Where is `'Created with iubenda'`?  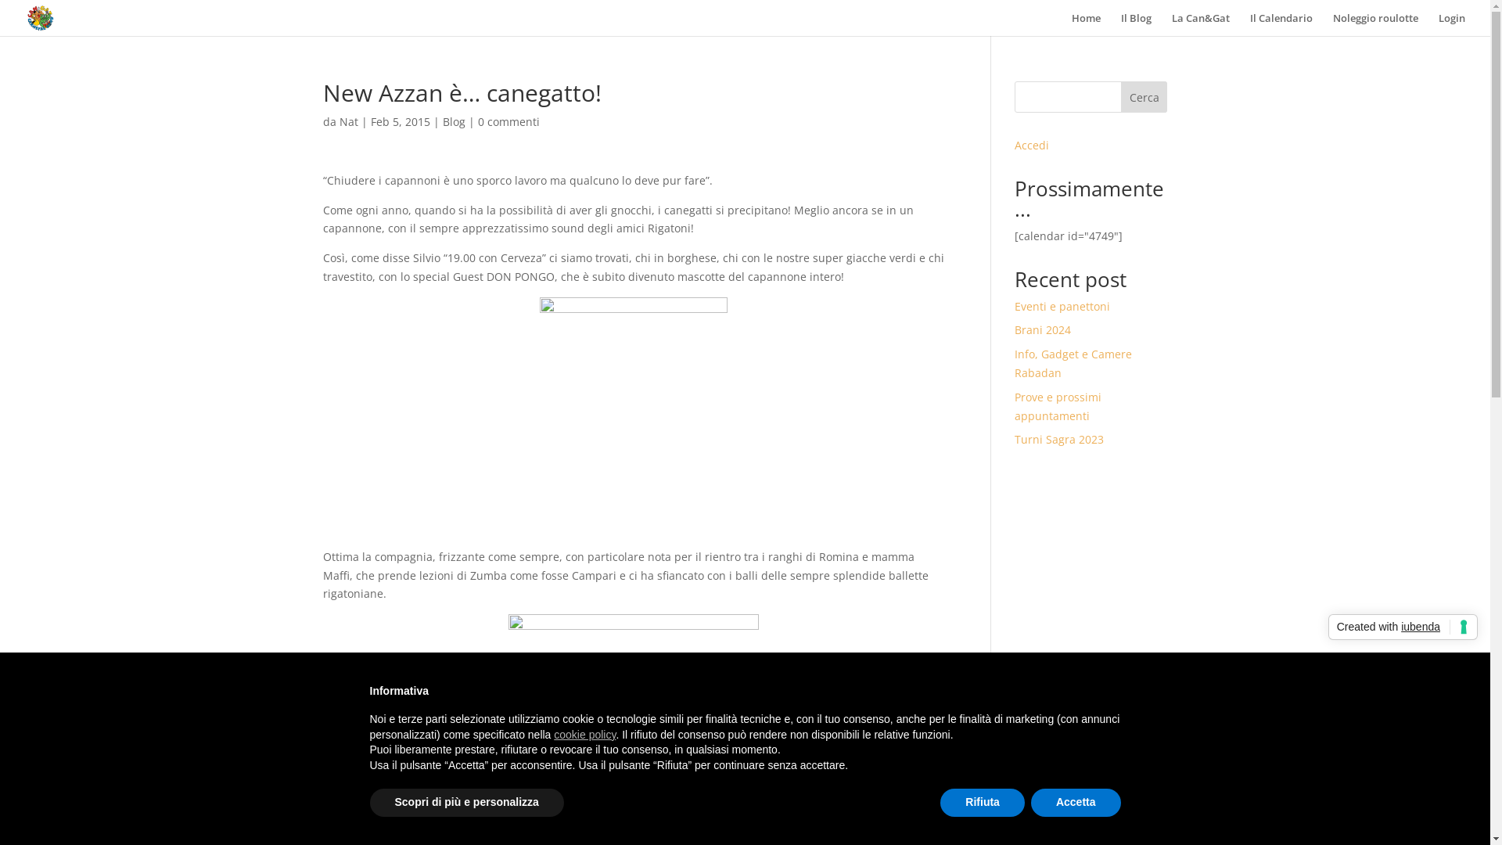
'Created with iubenda' is located at coordinates (1403, 627).